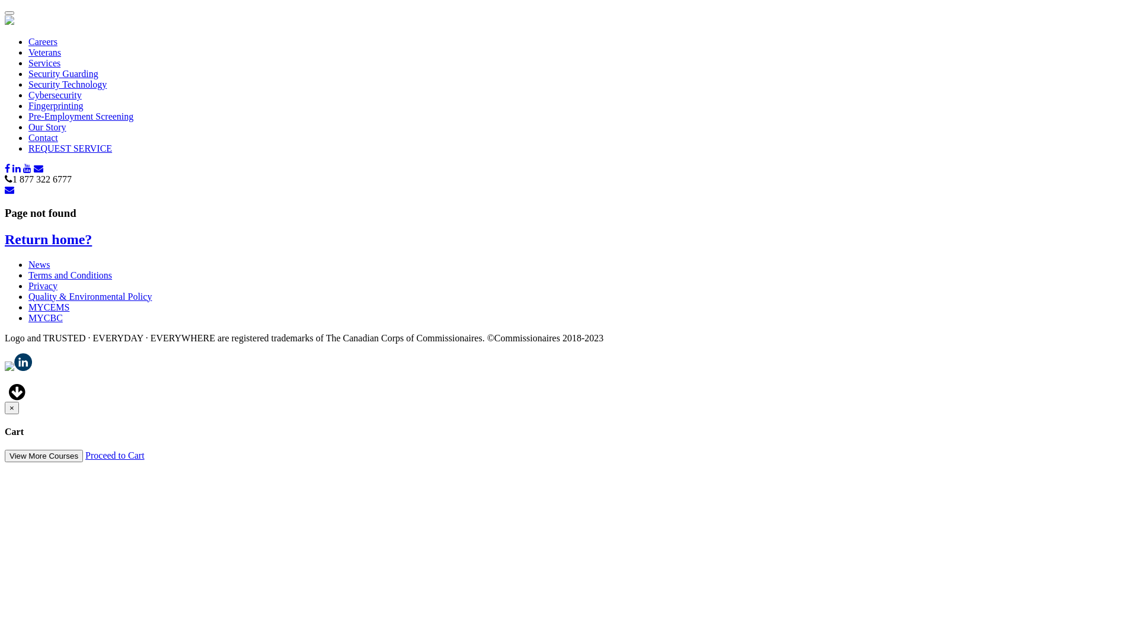  What do you see at coordinates (43, 41) in the screenshot?
I see `'Careers'` at bounding box center [43, 41].